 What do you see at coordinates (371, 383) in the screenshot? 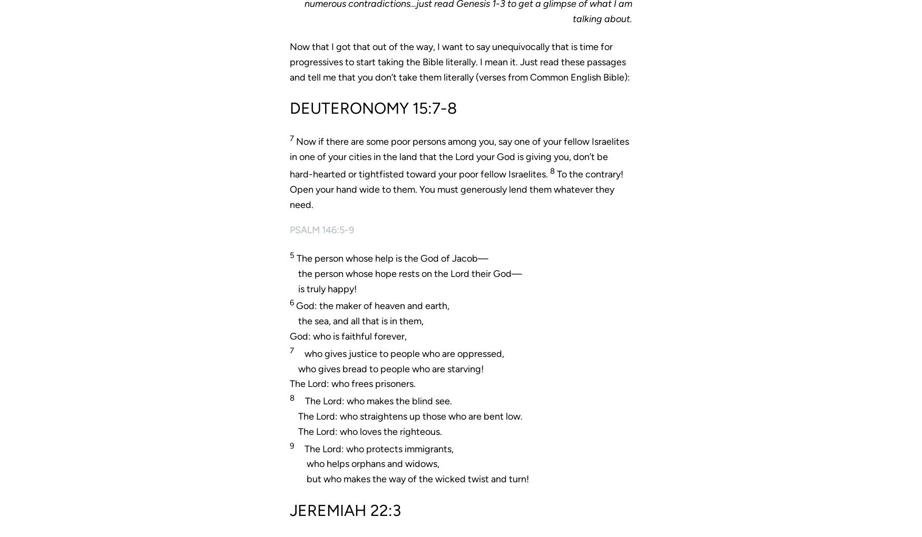
I see `': who frees prisoners.'` at bounding box center [371, 383].